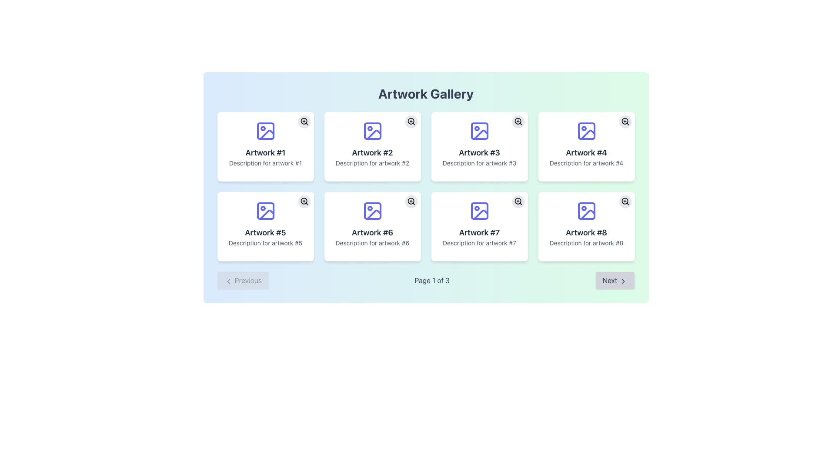  I want to click on the icon button located at the top-right corner of the block representing 'Artwork #7', so click(518, 201).